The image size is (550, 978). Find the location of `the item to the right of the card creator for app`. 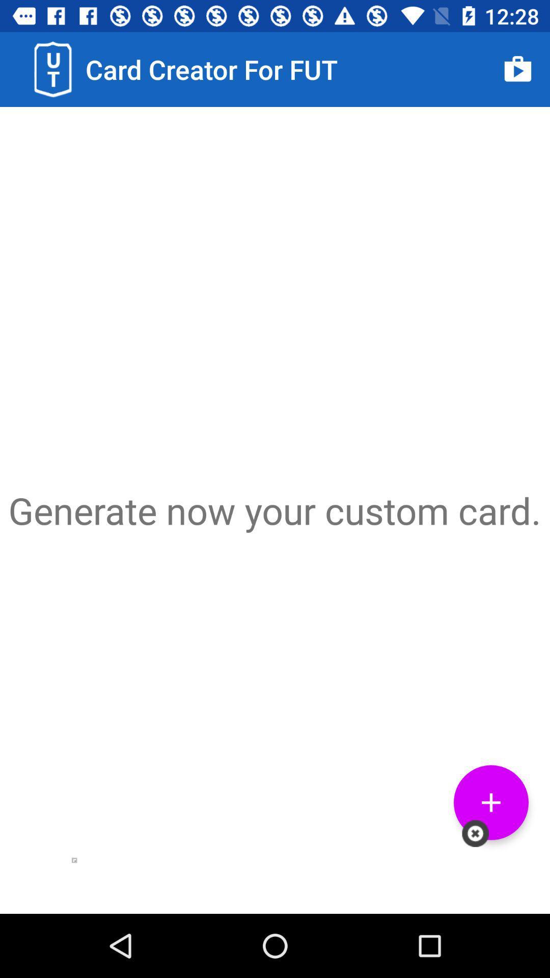

the item to the right of the card creator for app is located at coordinates (518, 69).